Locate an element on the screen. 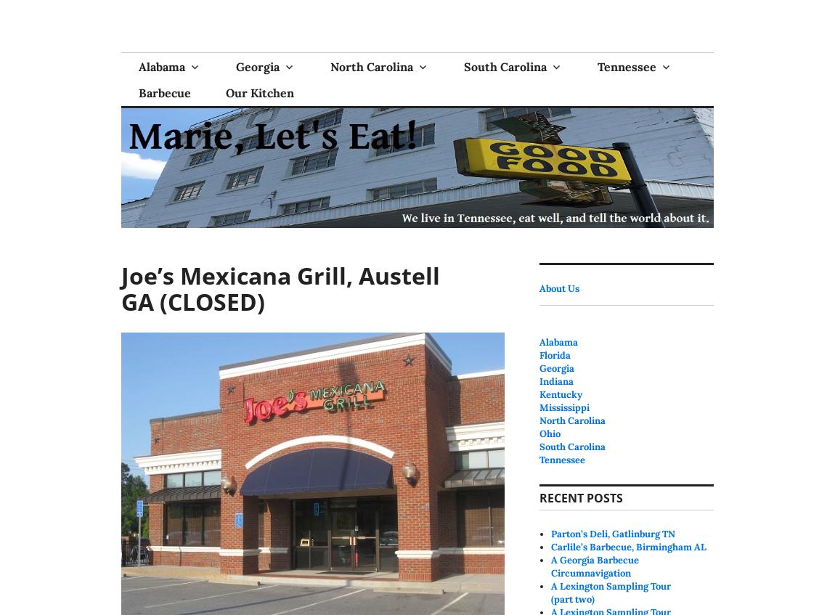  'North Carolina' is located at coordinates (571, 420).